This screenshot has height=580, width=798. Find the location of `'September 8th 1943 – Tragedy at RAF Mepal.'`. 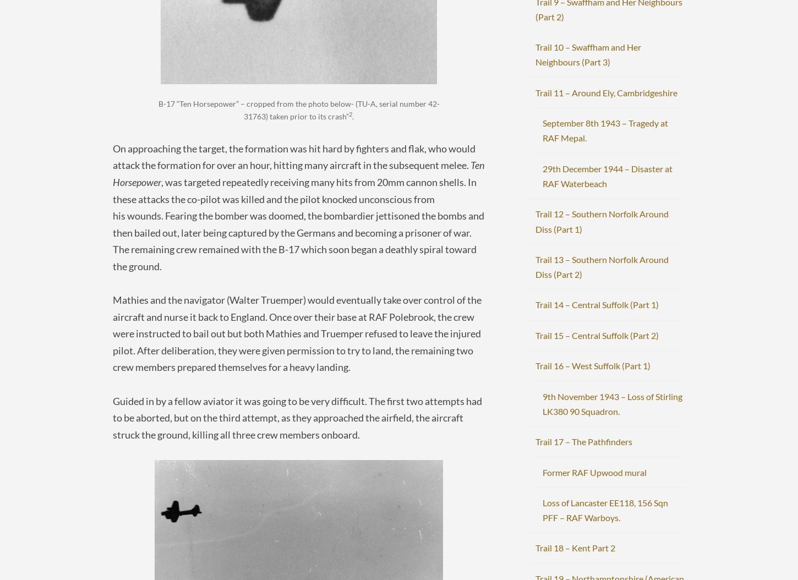

'September 8th 1943 – Tragedy at RAF Mepal.' is located at coordinates (604, 130).